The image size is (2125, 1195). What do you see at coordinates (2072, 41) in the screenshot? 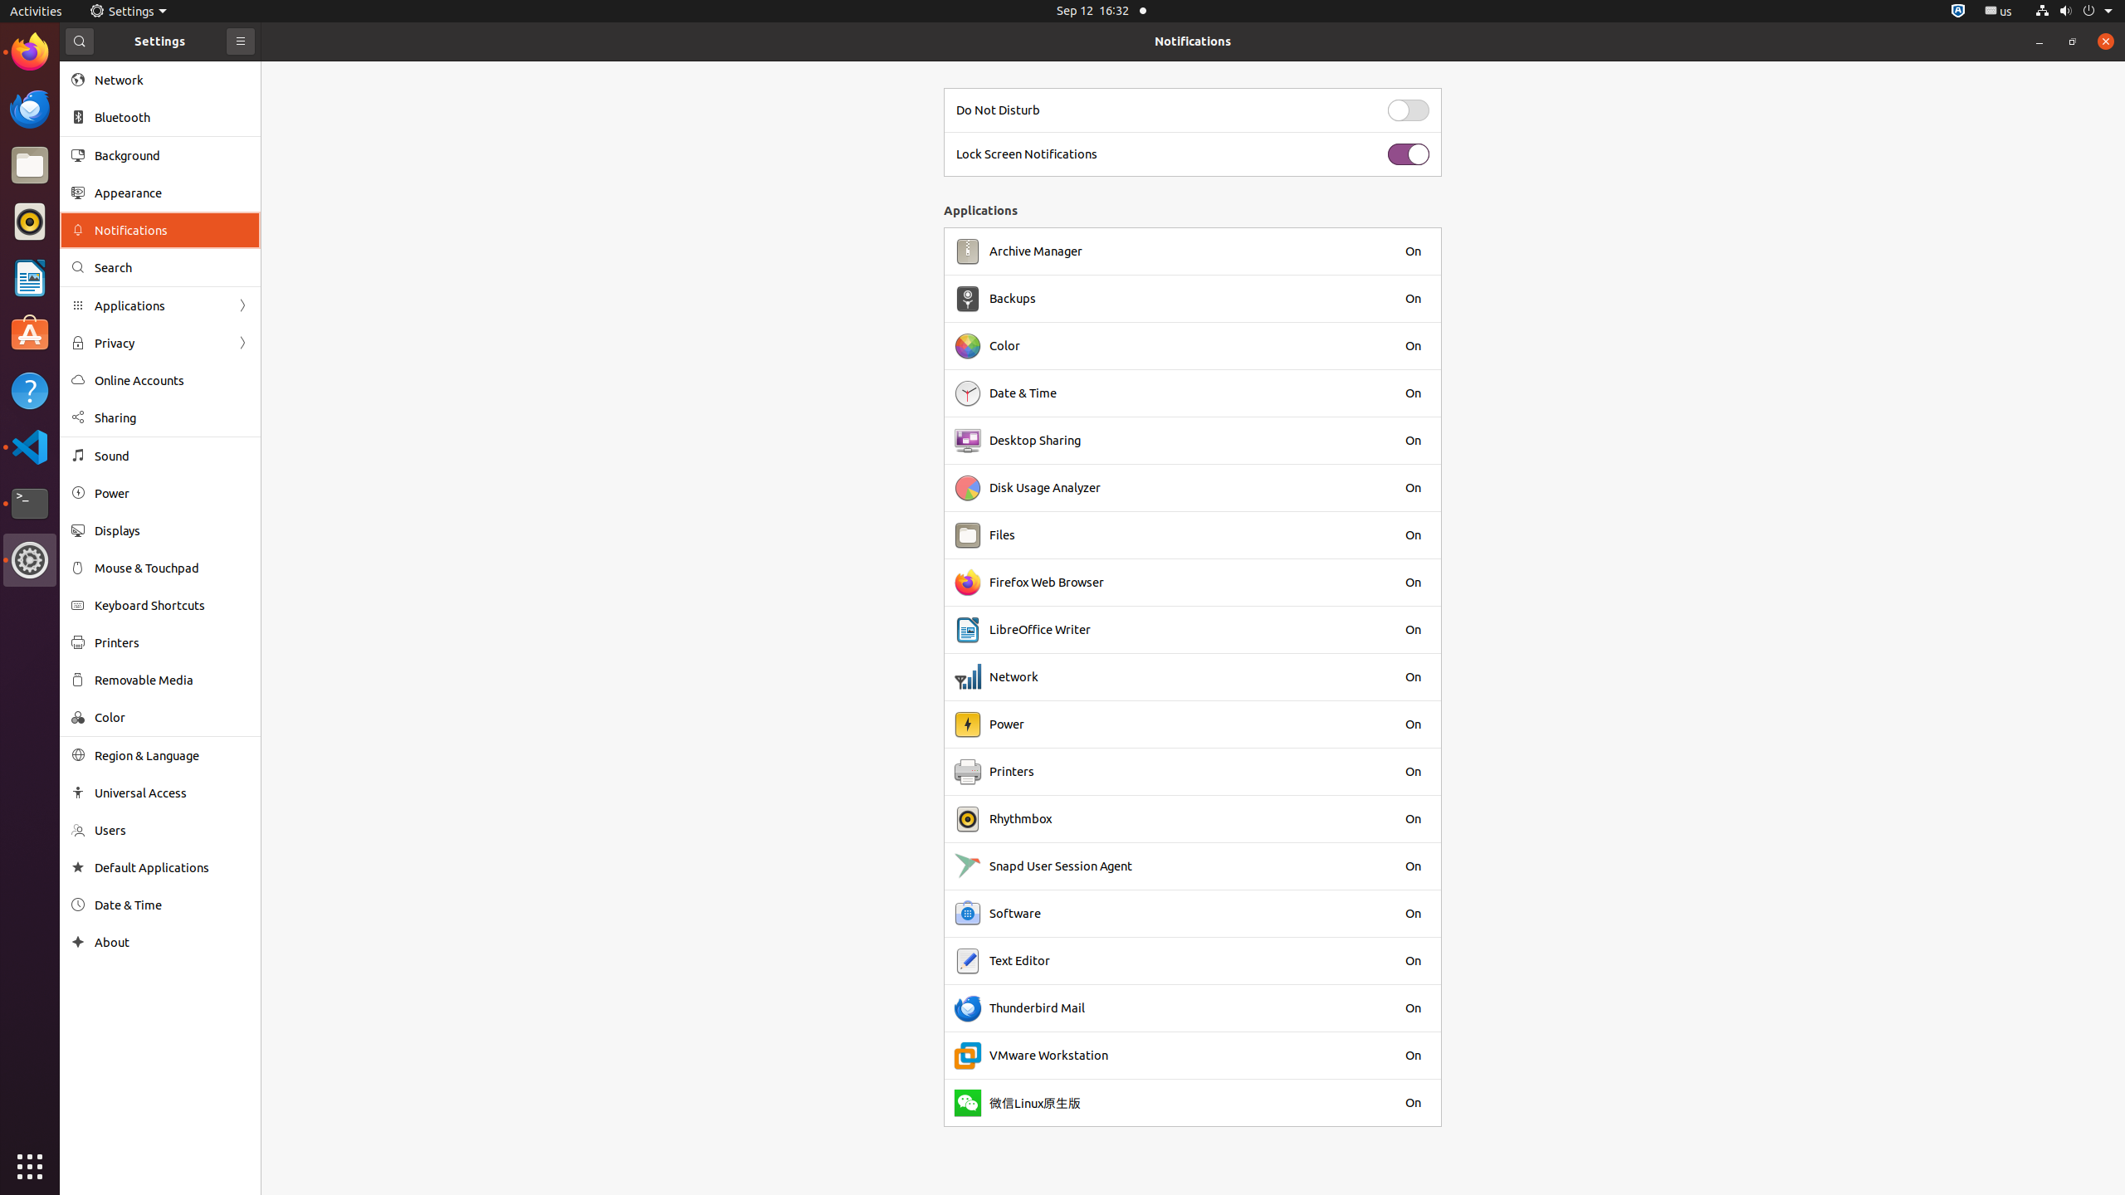
I see `'Restore'` at bounding box center [2072, 41].